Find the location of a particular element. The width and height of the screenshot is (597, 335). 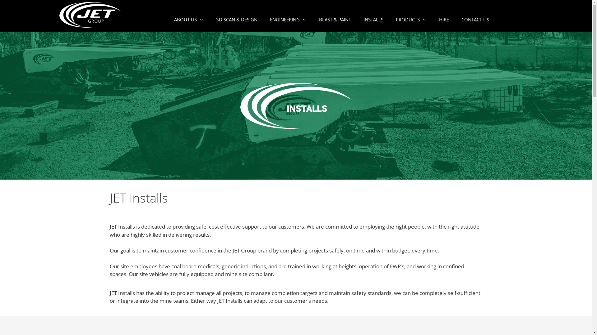

'ENGINEERING' is located at coordinates (288, 19).